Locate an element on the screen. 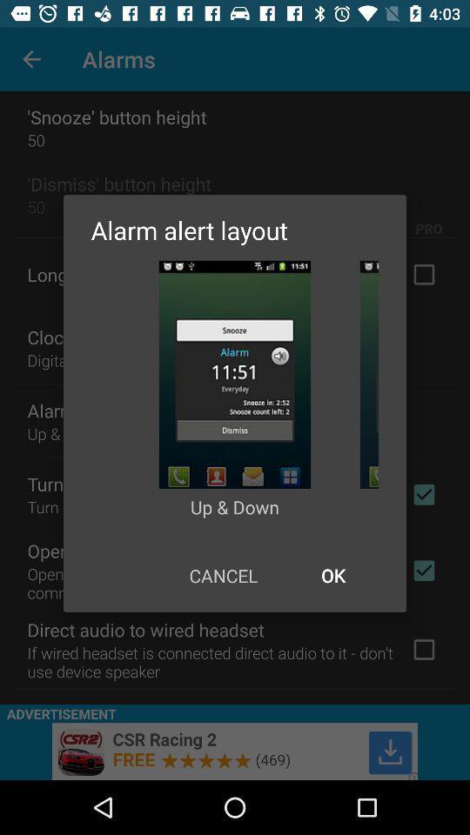  icon at the bottom right corner is located at coordinates (332, 575).